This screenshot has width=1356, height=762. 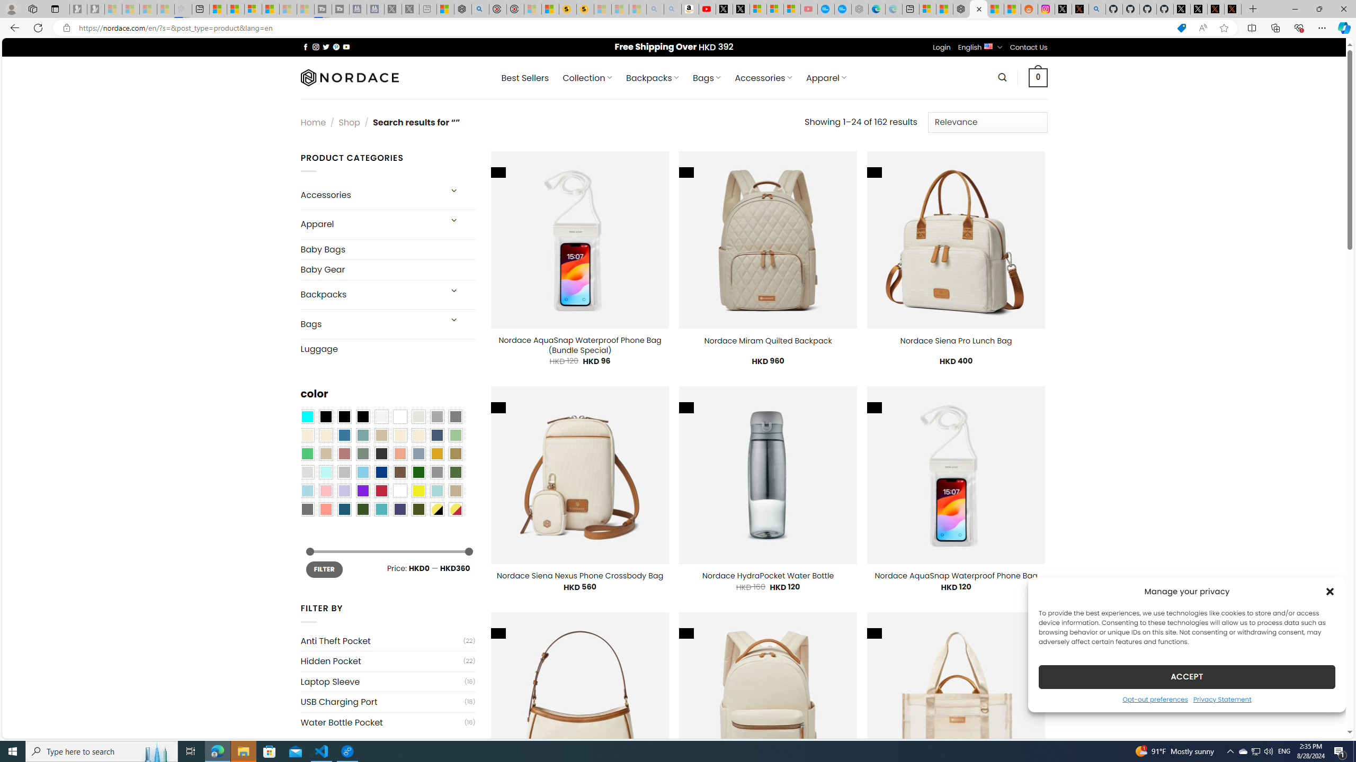 What do you see at coordinates (436, 435) in the screenshot?
I see `'Hale Navy'` at bounding box center [436, 435].